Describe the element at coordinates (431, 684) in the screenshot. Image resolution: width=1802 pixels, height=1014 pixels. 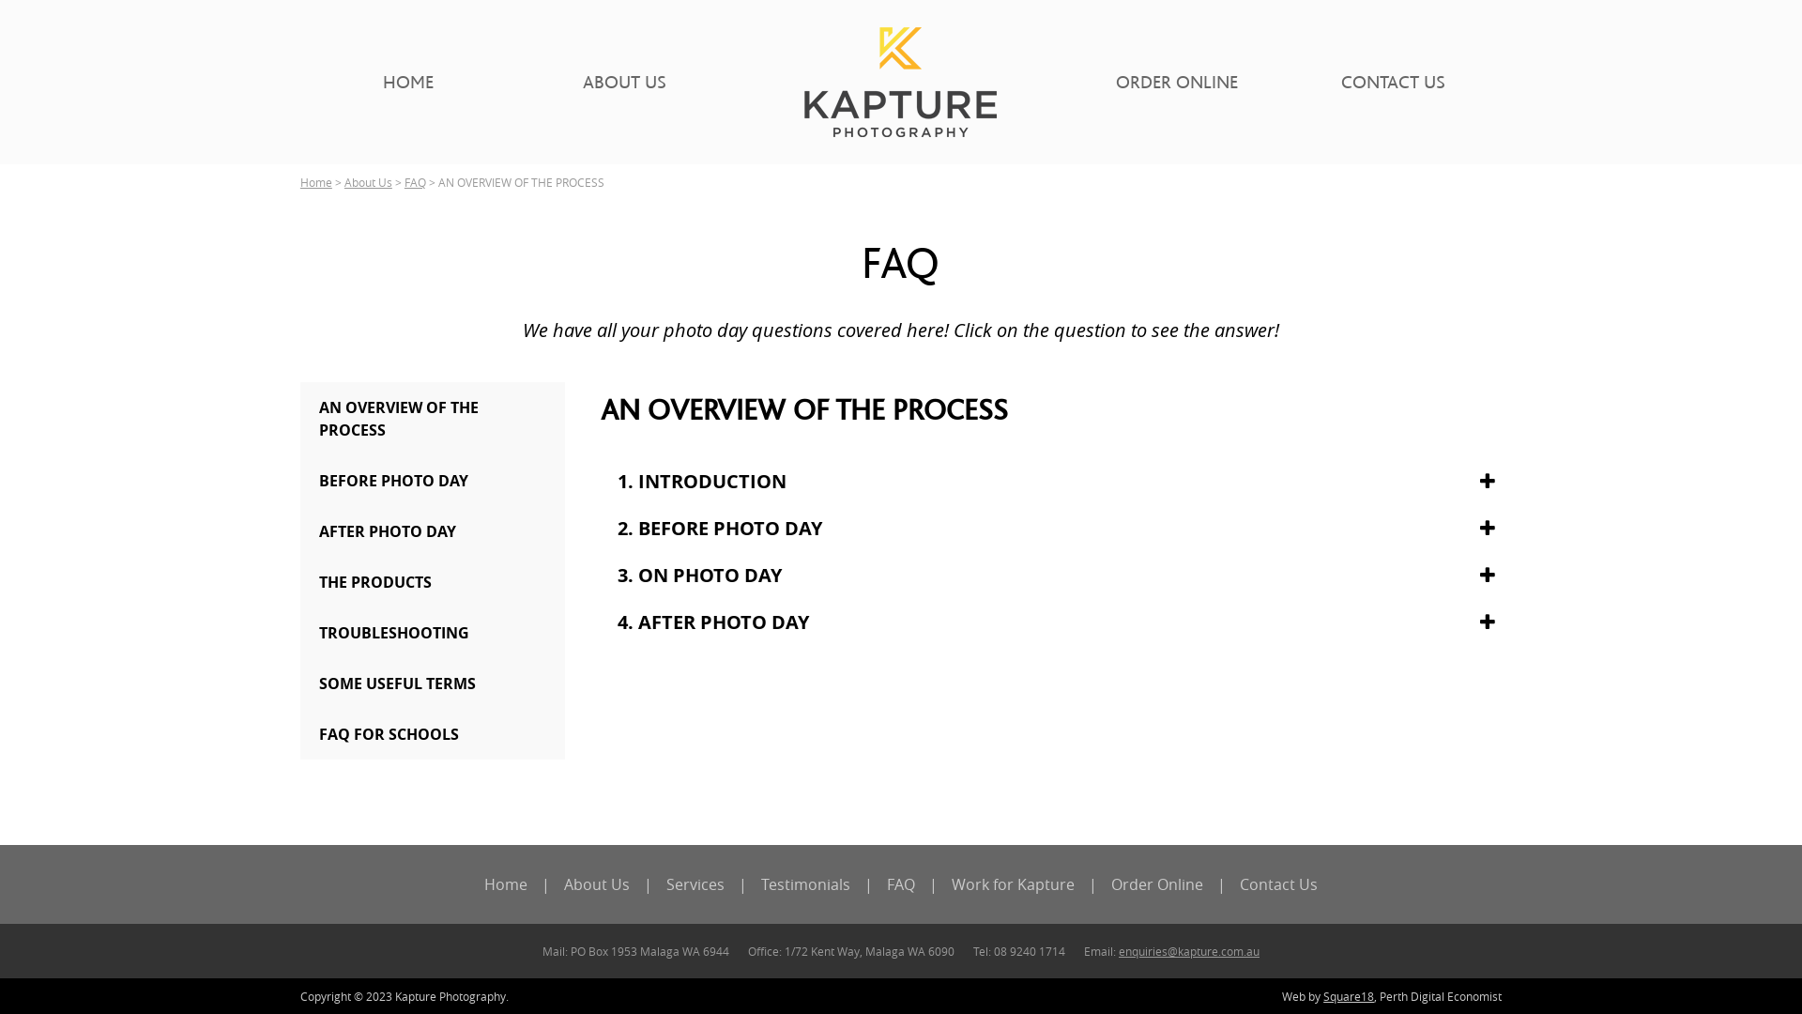
I see `'SOME USEFUL TERMS'` at that location.